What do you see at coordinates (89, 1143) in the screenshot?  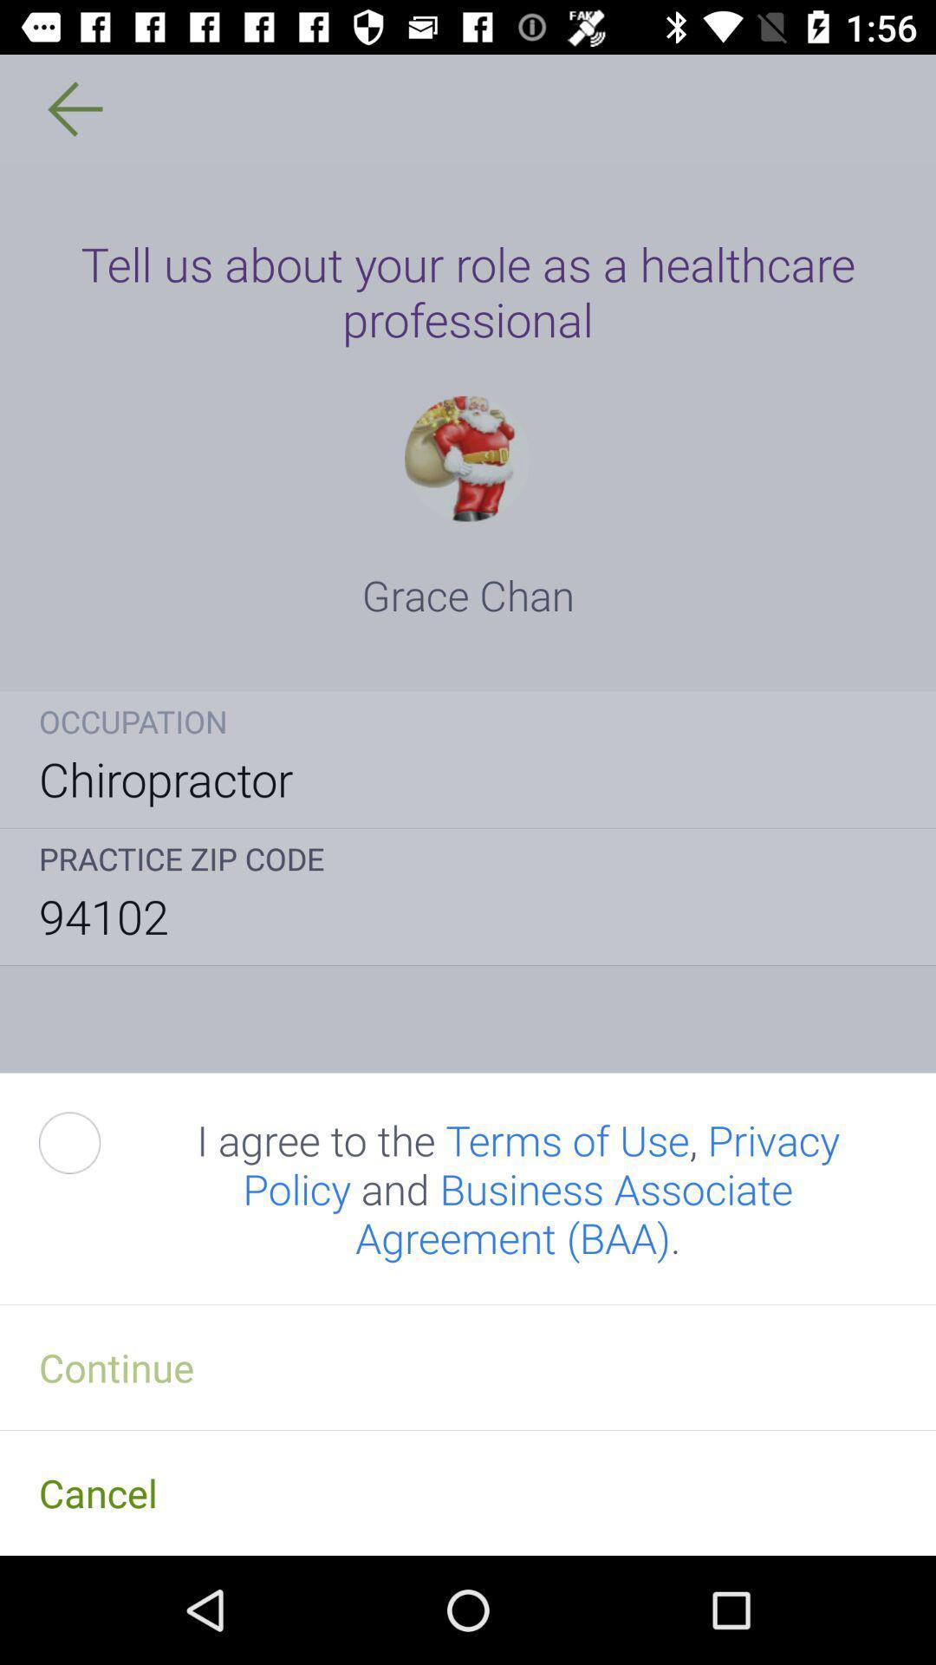 I see `item next to the i agree to` at bounding box center [89, 1143].